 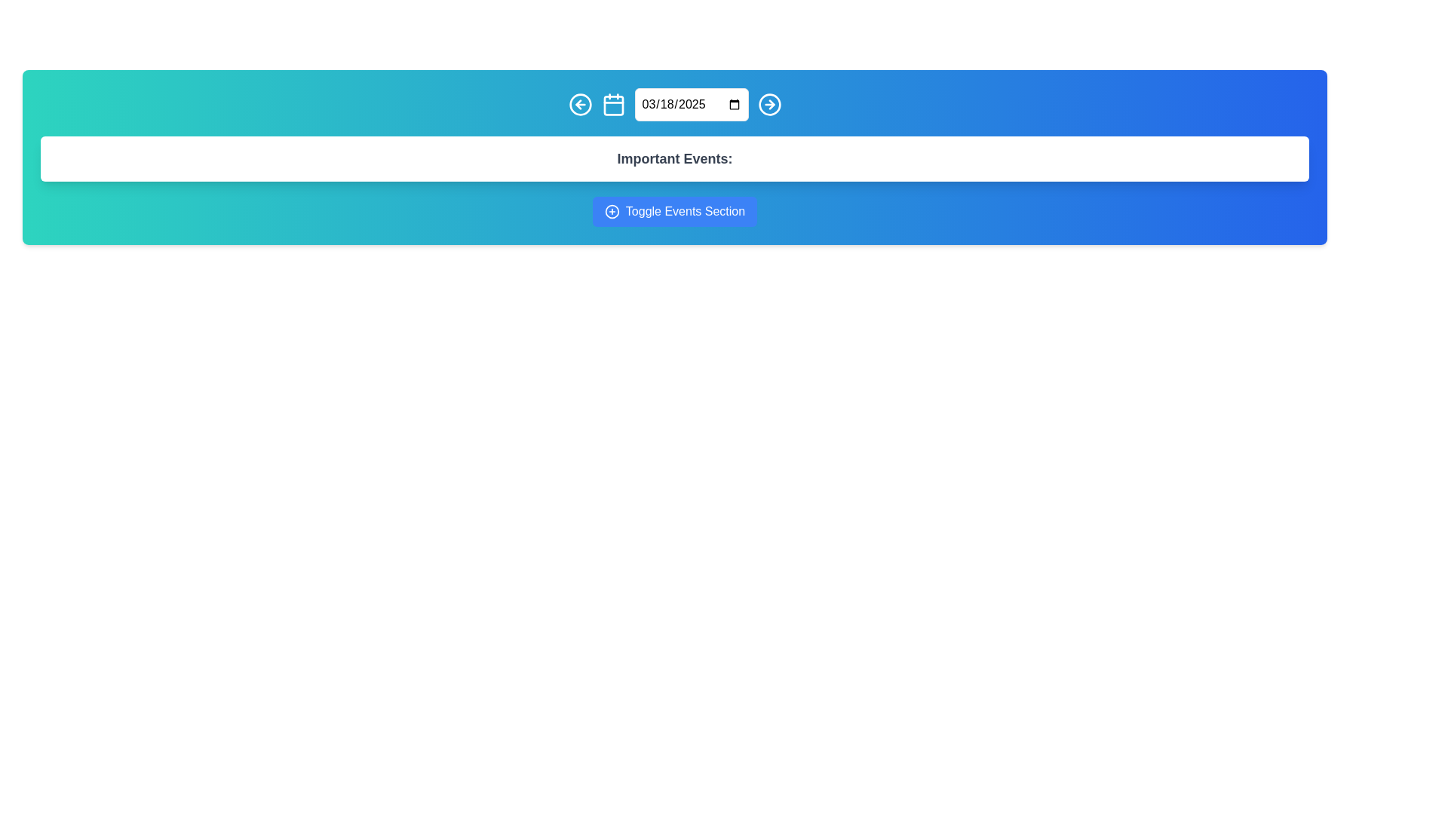 What do you see at coordinates (612, 212) in the screenshot?
I see `the circular plus icon, which is part of the blue button labeled 'Toggle Events Section' located below the text 'Important Events'` at bounding box center [612, 212].